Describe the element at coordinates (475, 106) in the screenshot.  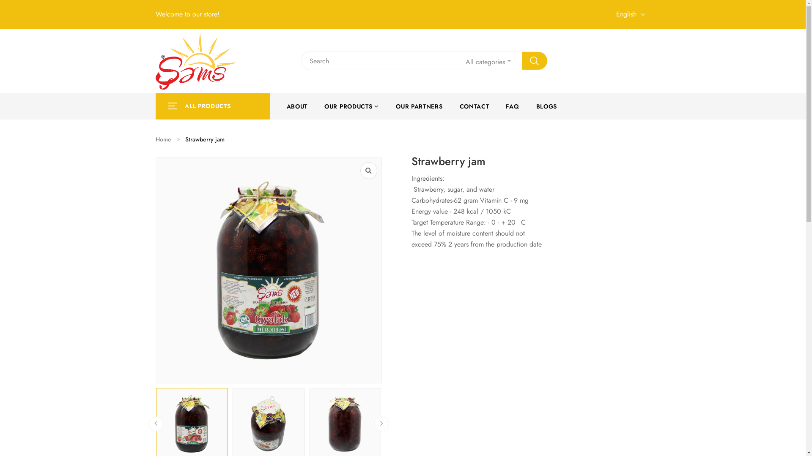
I see `'CONTACT'` at that location.